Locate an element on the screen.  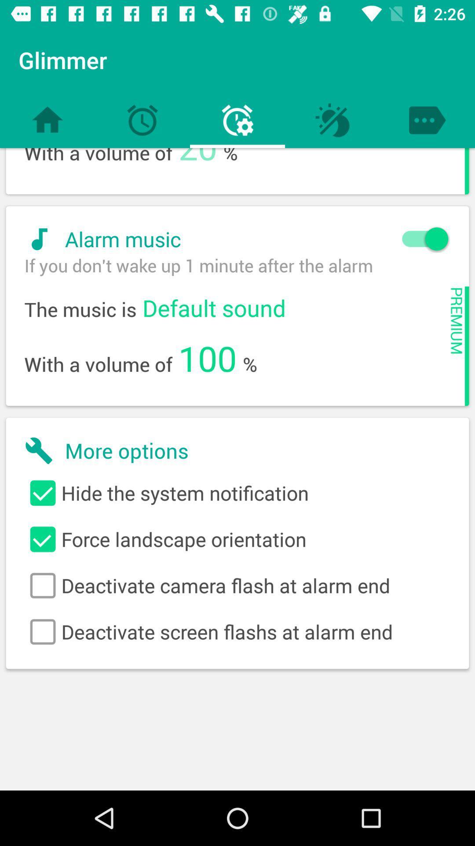
the fifth icon in a row below the text glimmer is located at coordinates (427, 120).